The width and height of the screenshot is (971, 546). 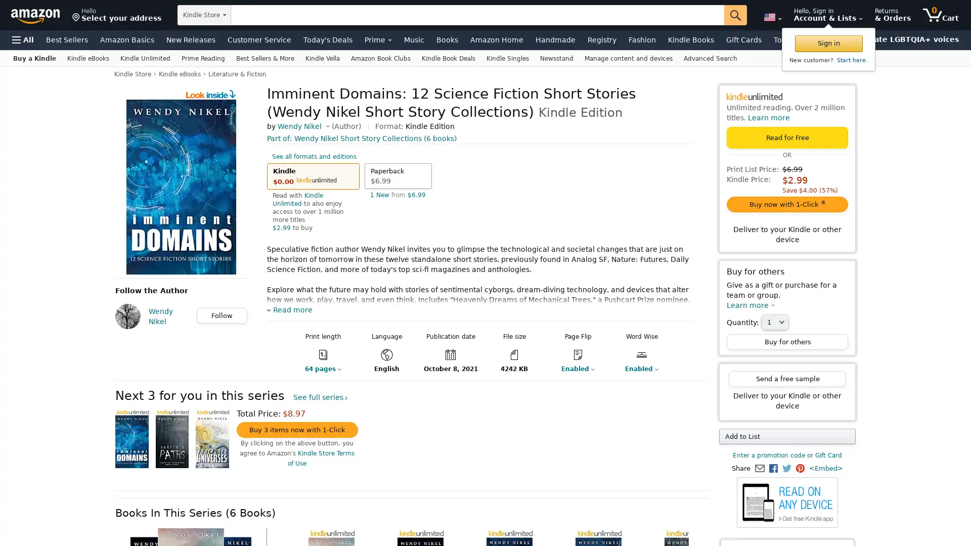 What do you see at coordinates (786, 379) in the screenshot?
I see `Send a free sample` at bounding box center [786, 379].